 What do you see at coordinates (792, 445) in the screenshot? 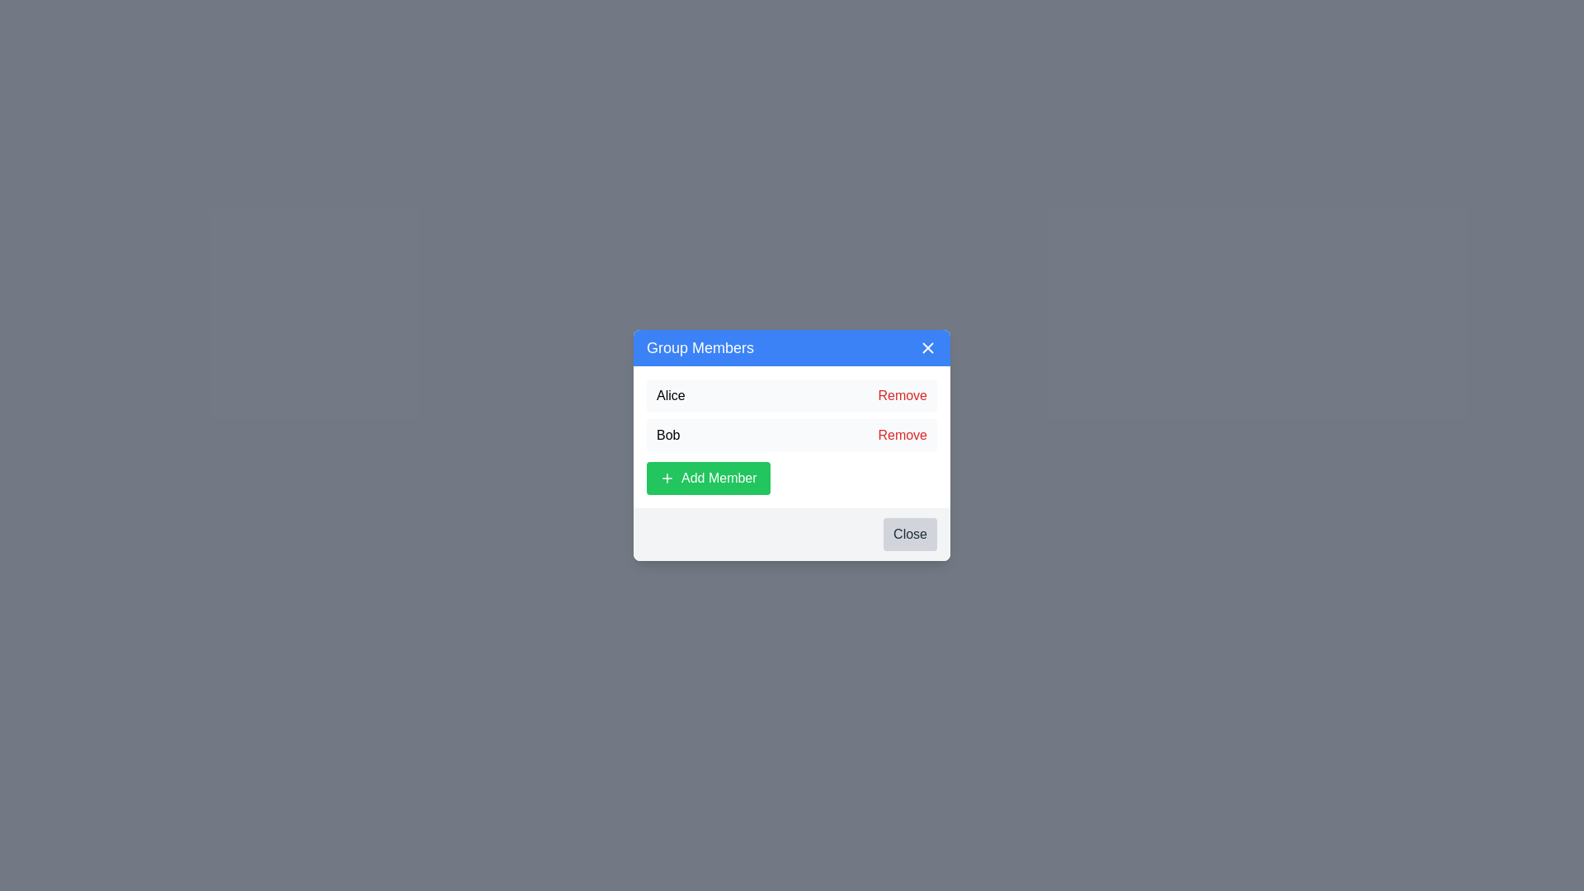
I see `the modal dialog box that displays the group member list, allowing interaction with its elements such as adding or removing members` at bounding box center [792, 445].